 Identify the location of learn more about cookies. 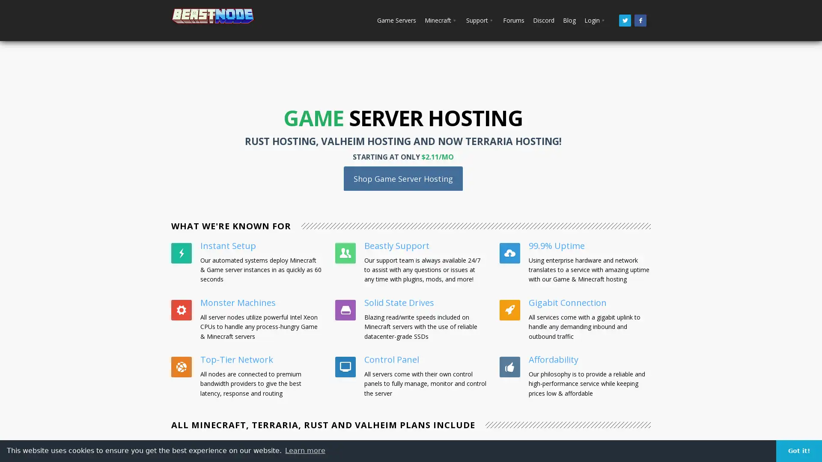
(305, 450).